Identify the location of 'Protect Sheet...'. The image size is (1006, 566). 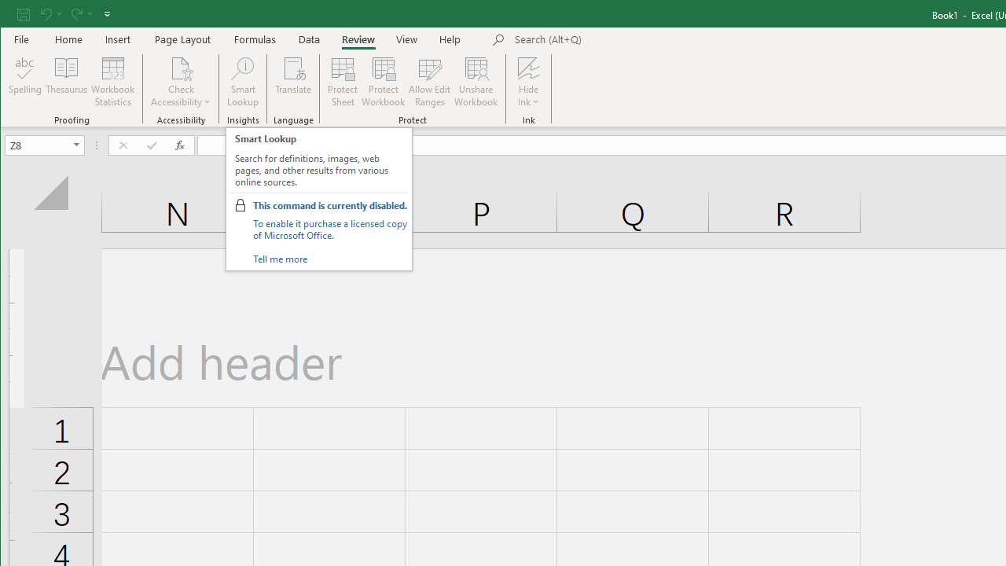
(342, 82).